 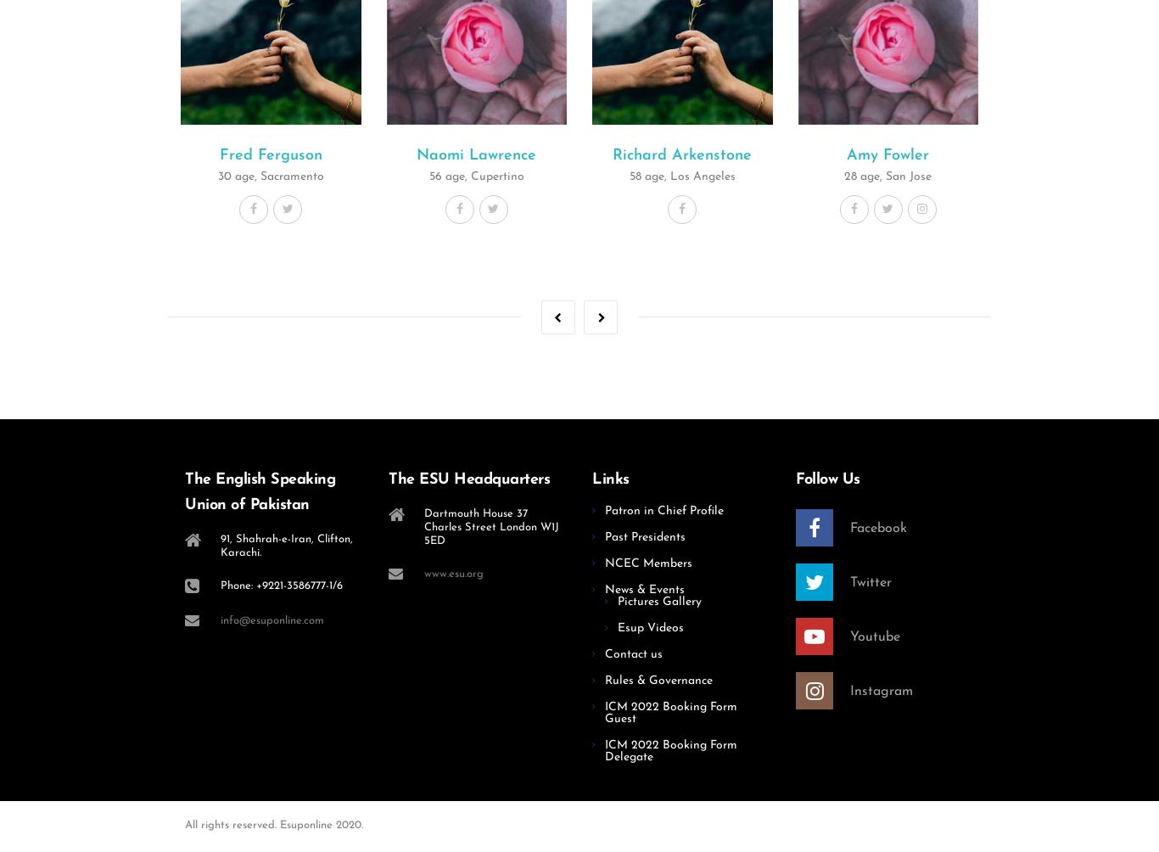 What do you see at coordinates (651, 626) in the screenshot?
I see `'Esup Videos'` at bounding box center [651, 626].